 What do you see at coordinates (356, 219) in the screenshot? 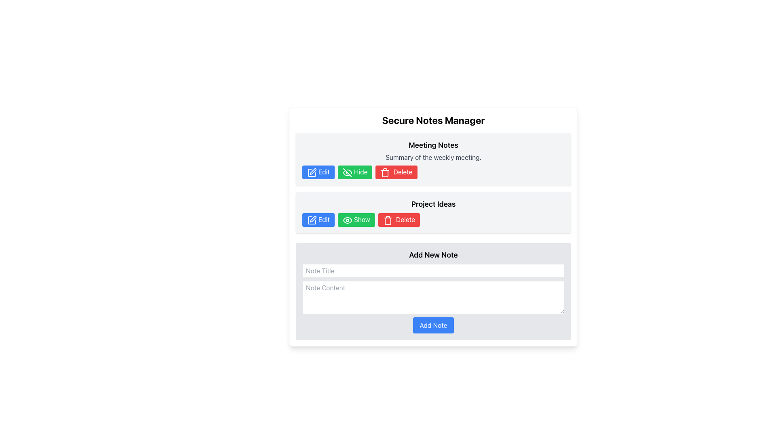
I see `the green 'Show' button with an eye icon` at bounding box center [356, 219].